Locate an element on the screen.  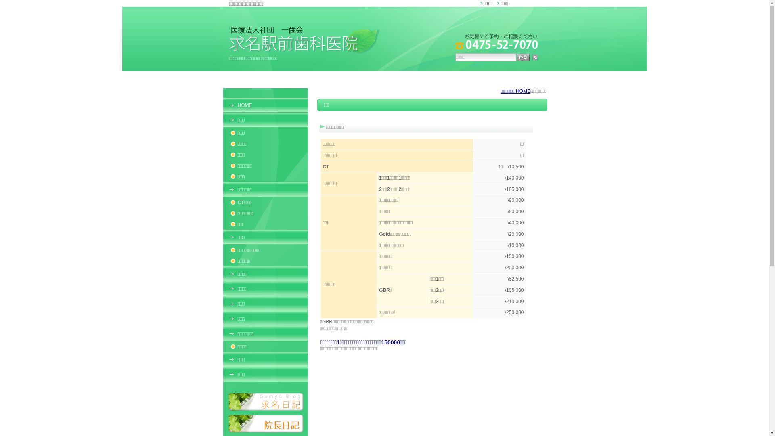
'HOME' is located at coordinates (265, 104).